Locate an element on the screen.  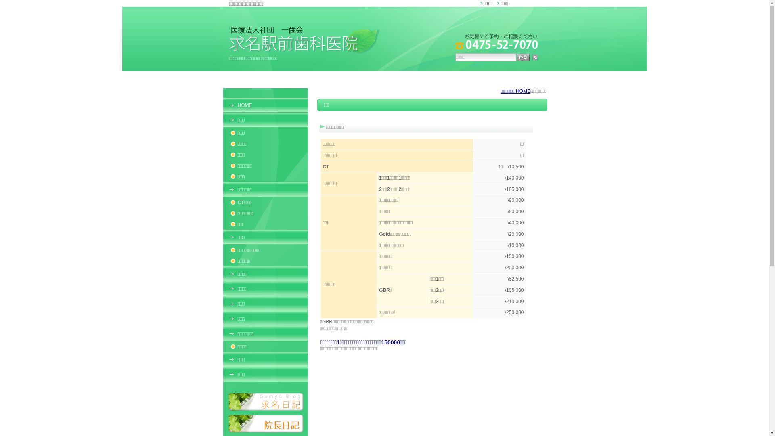
'HOME' is located at coordinates (265, 104).